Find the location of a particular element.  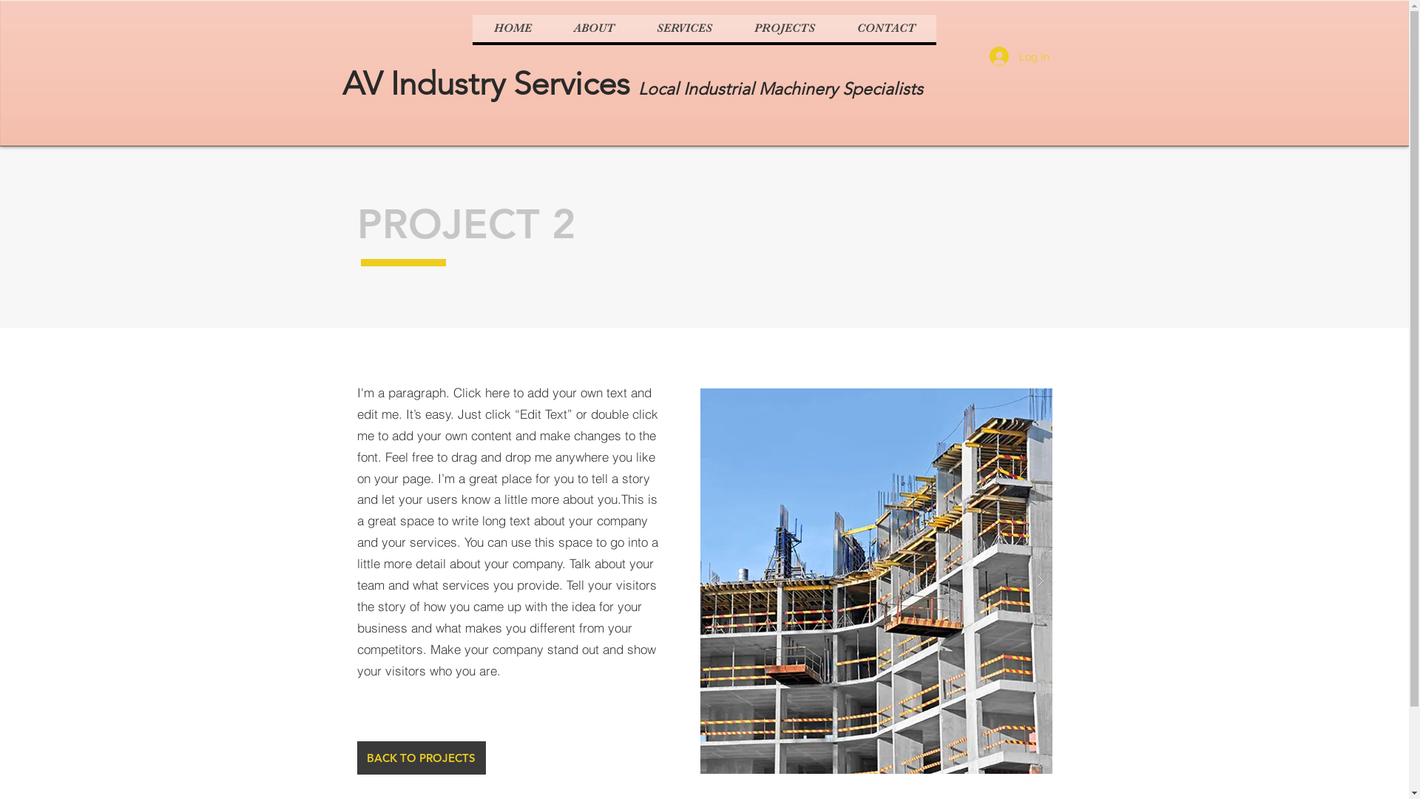

'ABOUT' is located at coordinates (593, 28).